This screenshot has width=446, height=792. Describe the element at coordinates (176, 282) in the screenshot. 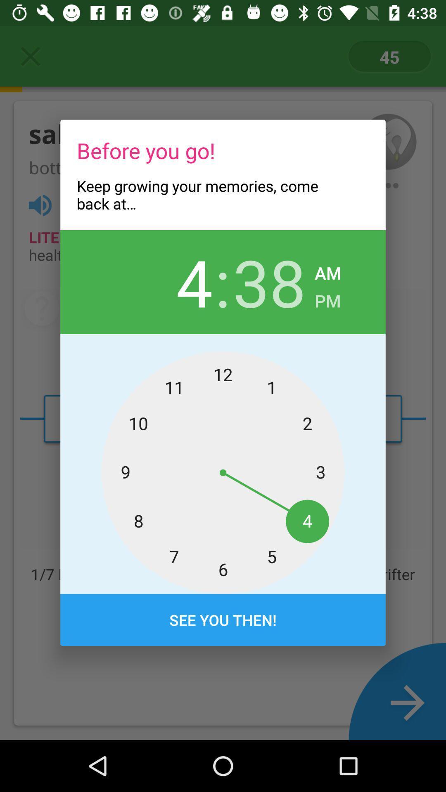

I see `icon below the keep growing your item` at that location.